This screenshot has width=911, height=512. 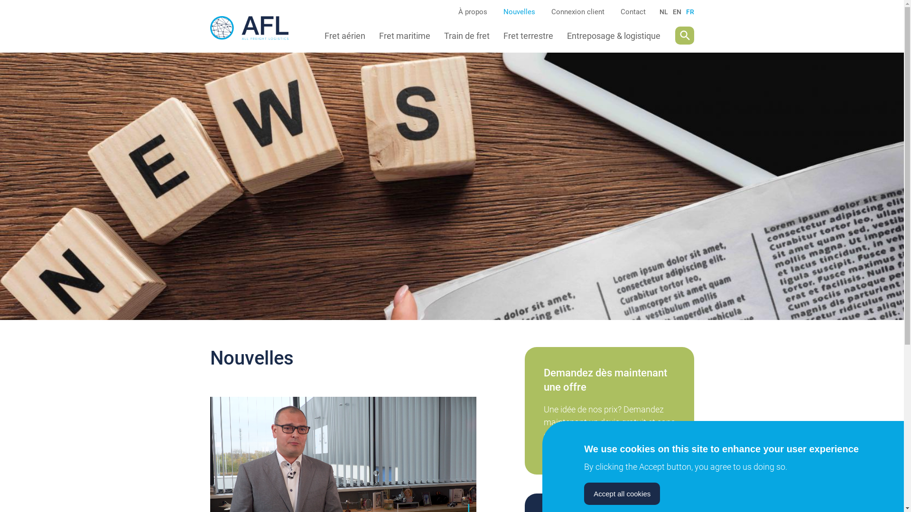 I want to click on 'Accept all cookies', so click(x=622, y=493).